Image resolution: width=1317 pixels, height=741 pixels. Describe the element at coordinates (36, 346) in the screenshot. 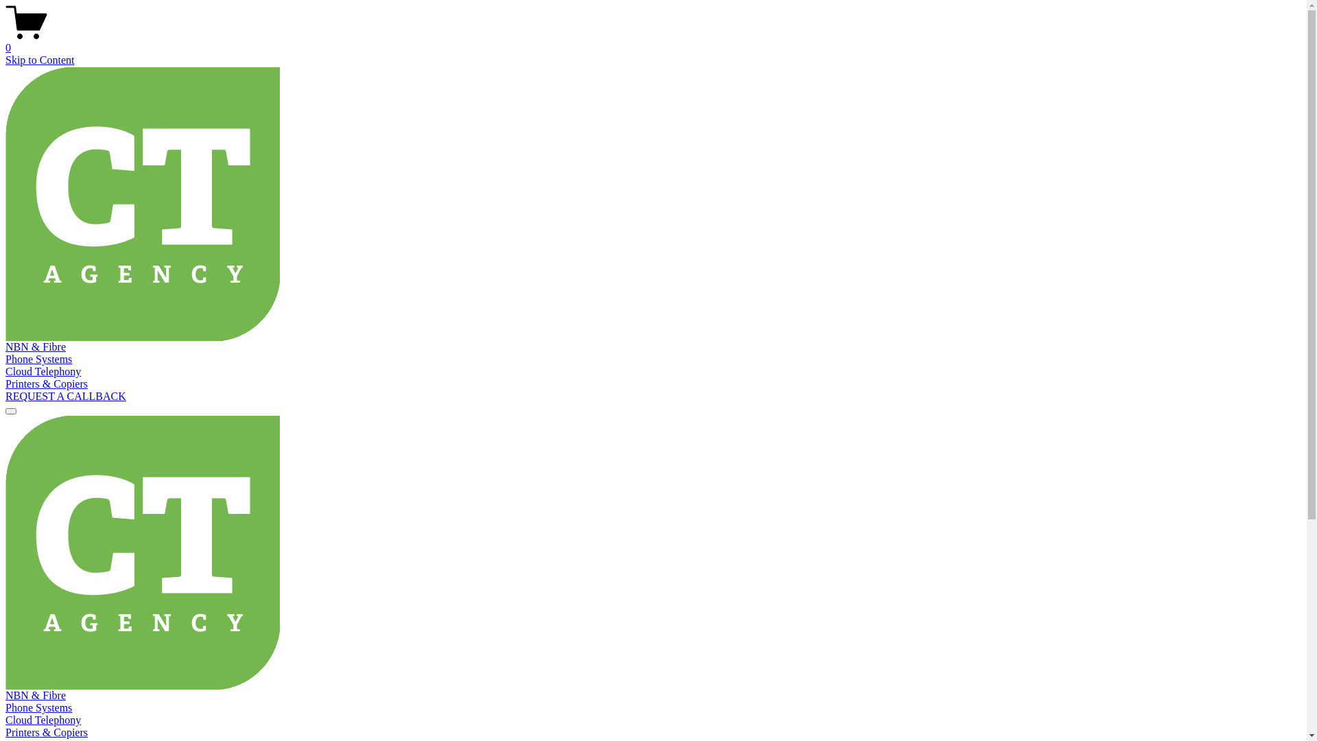

I see `'NBN & Fibre'` at that location.